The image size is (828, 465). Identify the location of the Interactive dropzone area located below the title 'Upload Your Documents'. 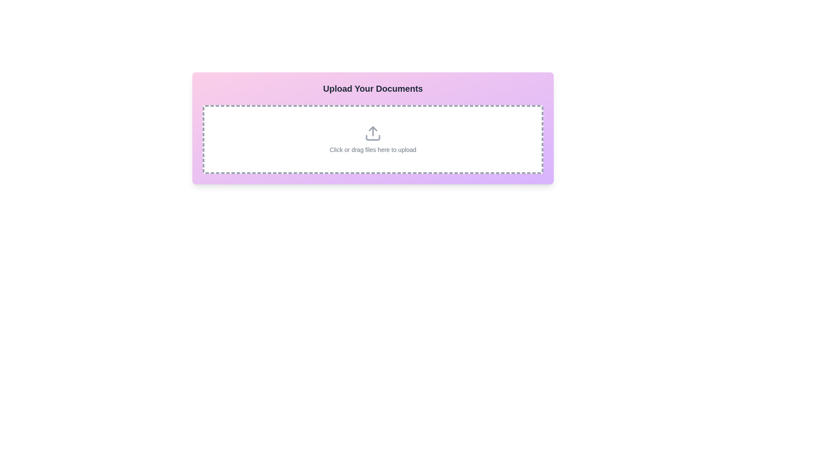
(373, 139).